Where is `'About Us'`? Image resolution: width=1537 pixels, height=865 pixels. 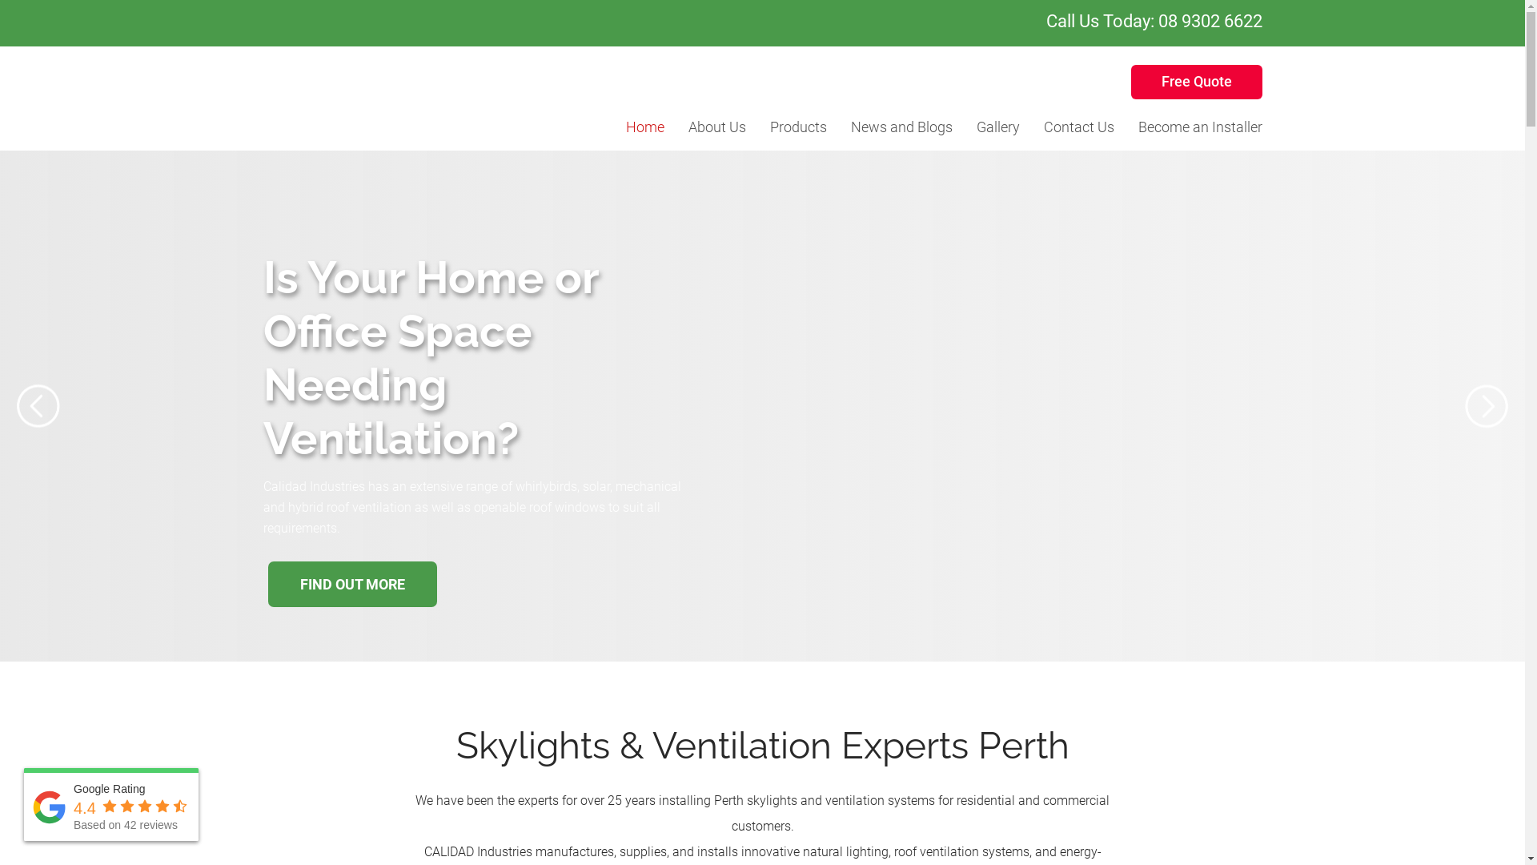 'About Us' is located at coordinates (716, 126).